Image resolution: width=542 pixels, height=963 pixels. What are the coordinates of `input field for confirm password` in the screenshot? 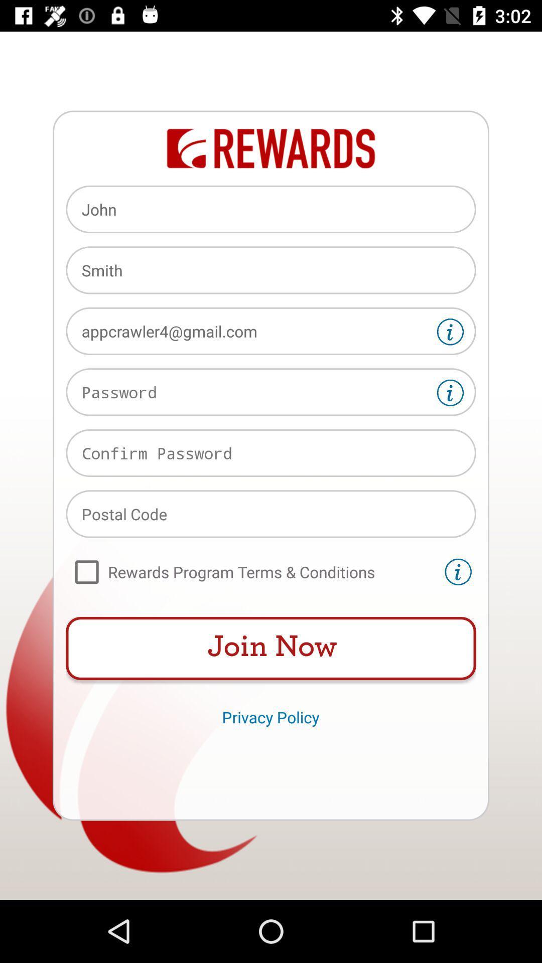 It's located at (271, 452).